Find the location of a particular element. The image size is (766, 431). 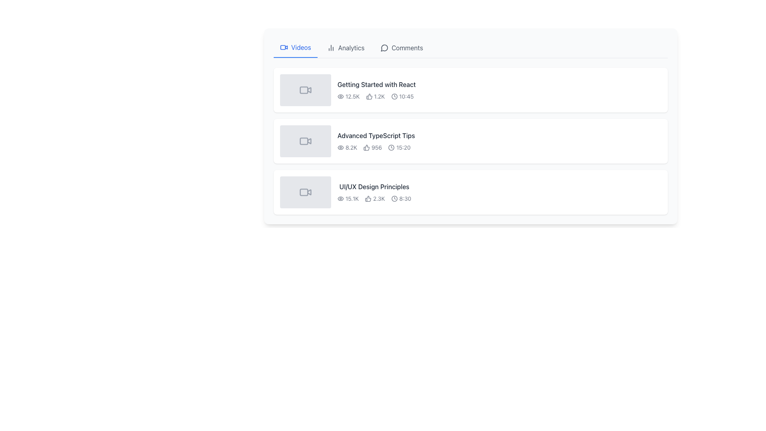

the circular speech bubble icon located to the left of the 'Comments' text in the navigation bar is located at coordinates (384, 47).